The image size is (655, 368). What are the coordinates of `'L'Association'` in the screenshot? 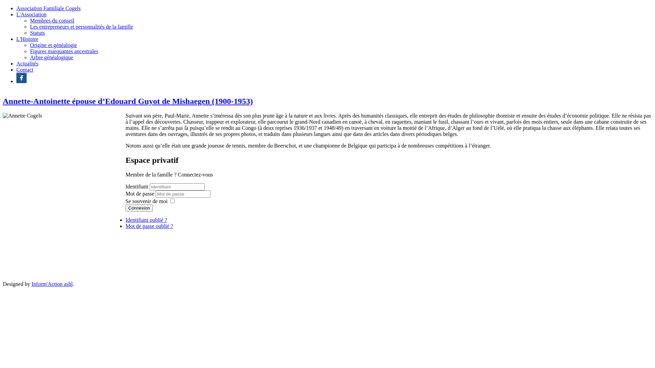 It's located at (31, 14).